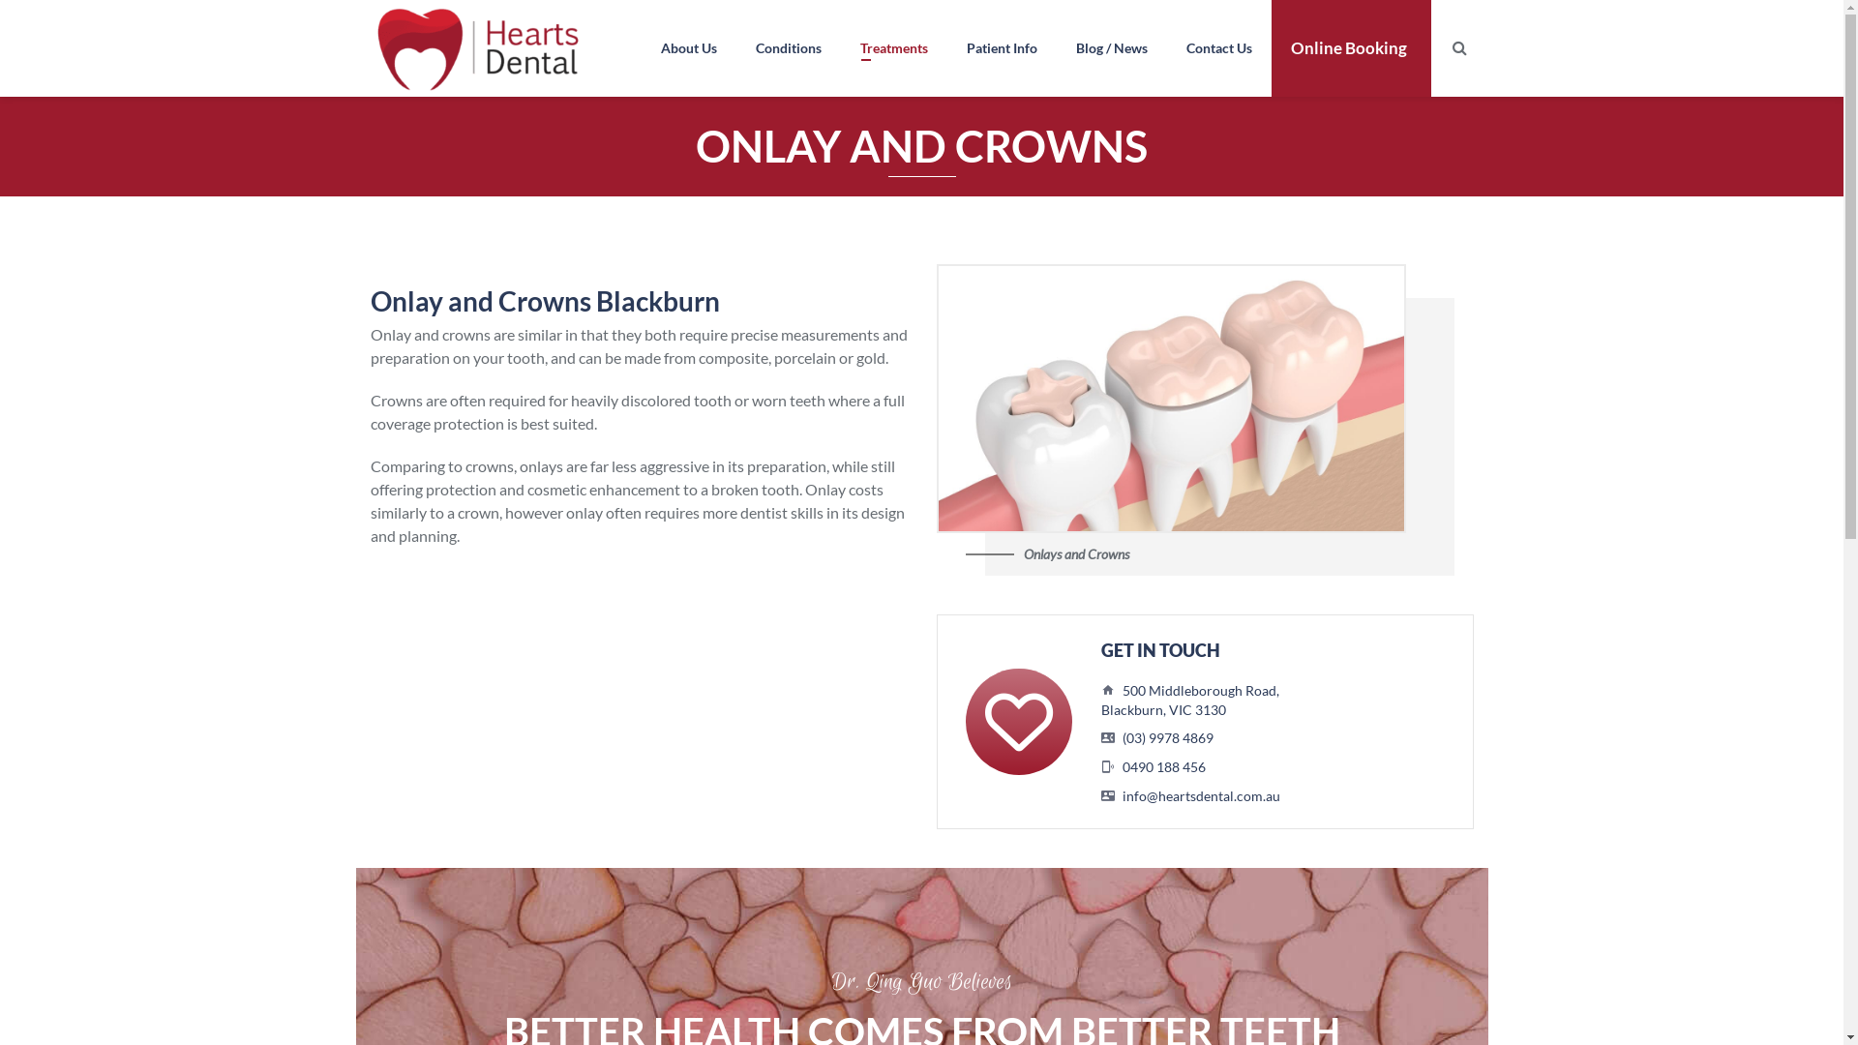 This screenshot has width=1858, height=1045. I want to click on 'Online Booking', so click(1272, 47).